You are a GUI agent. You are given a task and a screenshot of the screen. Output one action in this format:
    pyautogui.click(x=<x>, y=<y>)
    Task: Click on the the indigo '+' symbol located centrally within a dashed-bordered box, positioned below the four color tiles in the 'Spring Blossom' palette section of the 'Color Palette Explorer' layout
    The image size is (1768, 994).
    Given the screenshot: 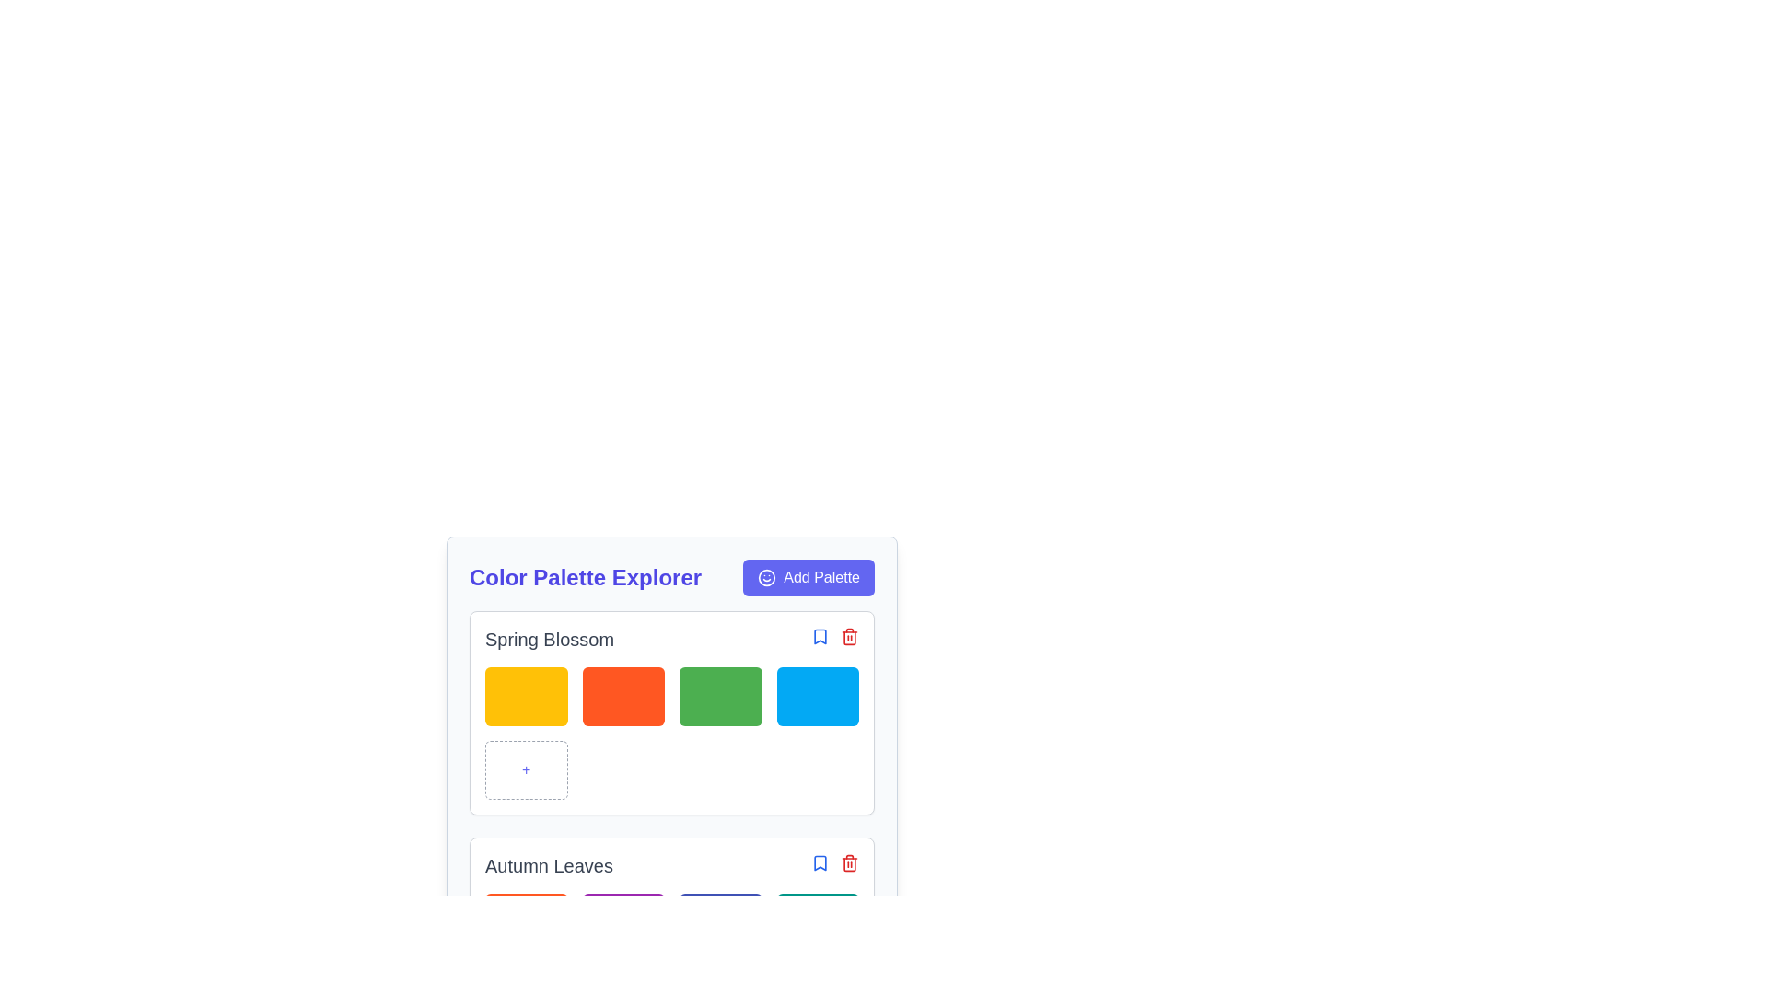 What is the action you would take?
    pyautogui.click(x=525, y=770)
    